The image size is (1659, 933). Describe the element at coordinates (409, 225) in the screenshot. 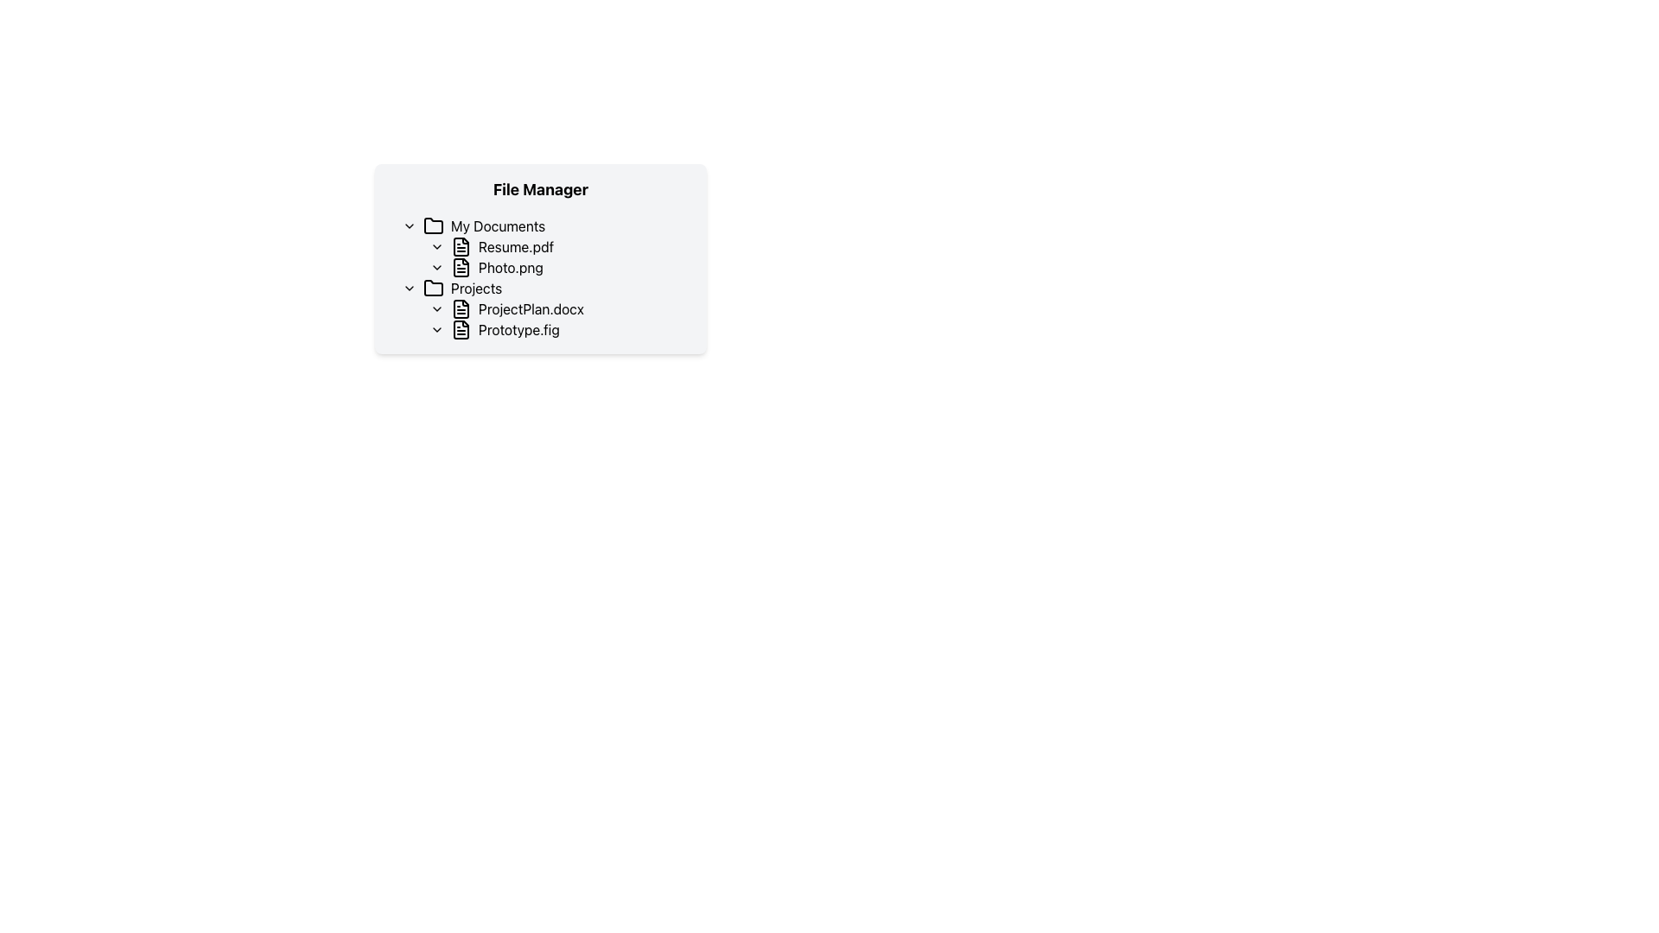

I see `the right-facing chevron arrow icon located to the left of the 'My Documents' text` at that location.